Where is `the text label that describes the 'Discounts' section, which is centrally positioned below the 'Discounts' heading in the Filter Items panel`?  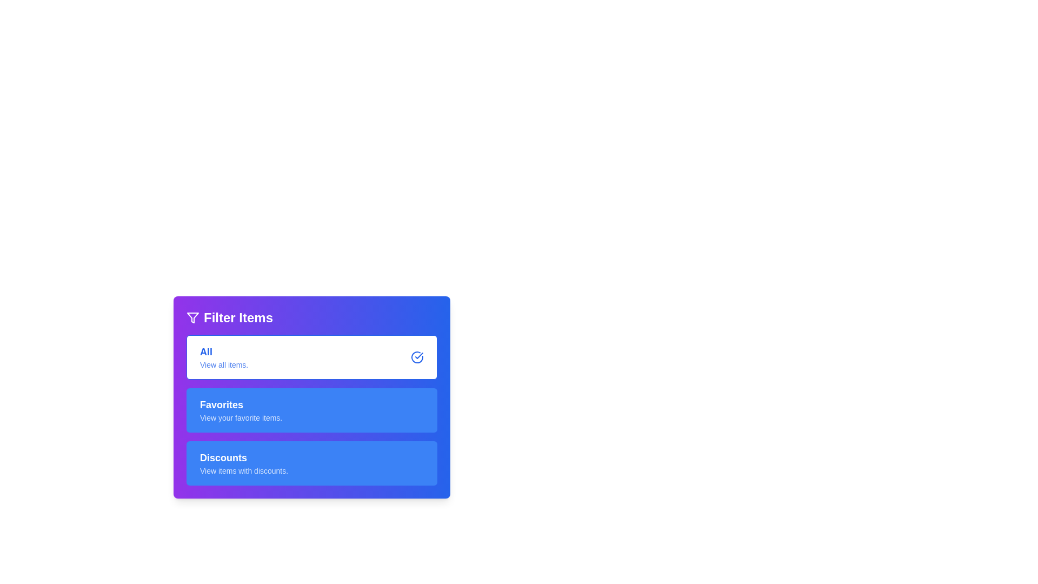 the text label that describes the 'Discounts' section, which is centrally positioned below the 'Discounts' heading in the Filter Items panel is located at coordinates (243, 470).